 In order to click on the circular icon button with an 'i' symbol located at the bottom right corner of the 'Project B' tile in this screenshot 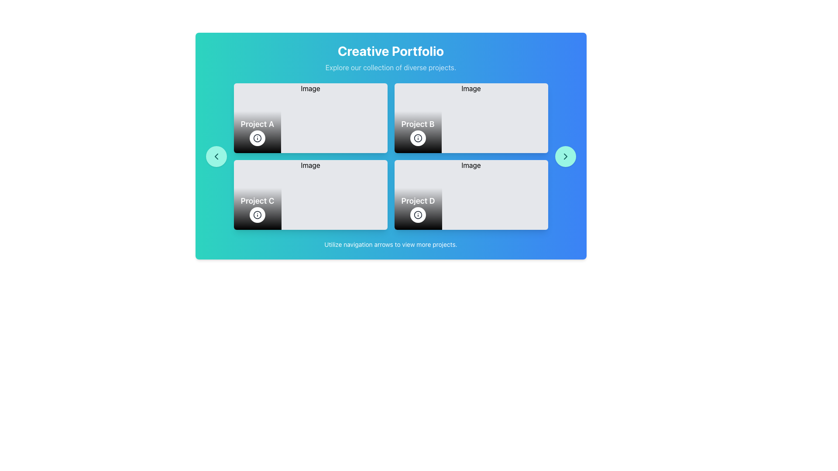, I will do `click(417, 137)`.